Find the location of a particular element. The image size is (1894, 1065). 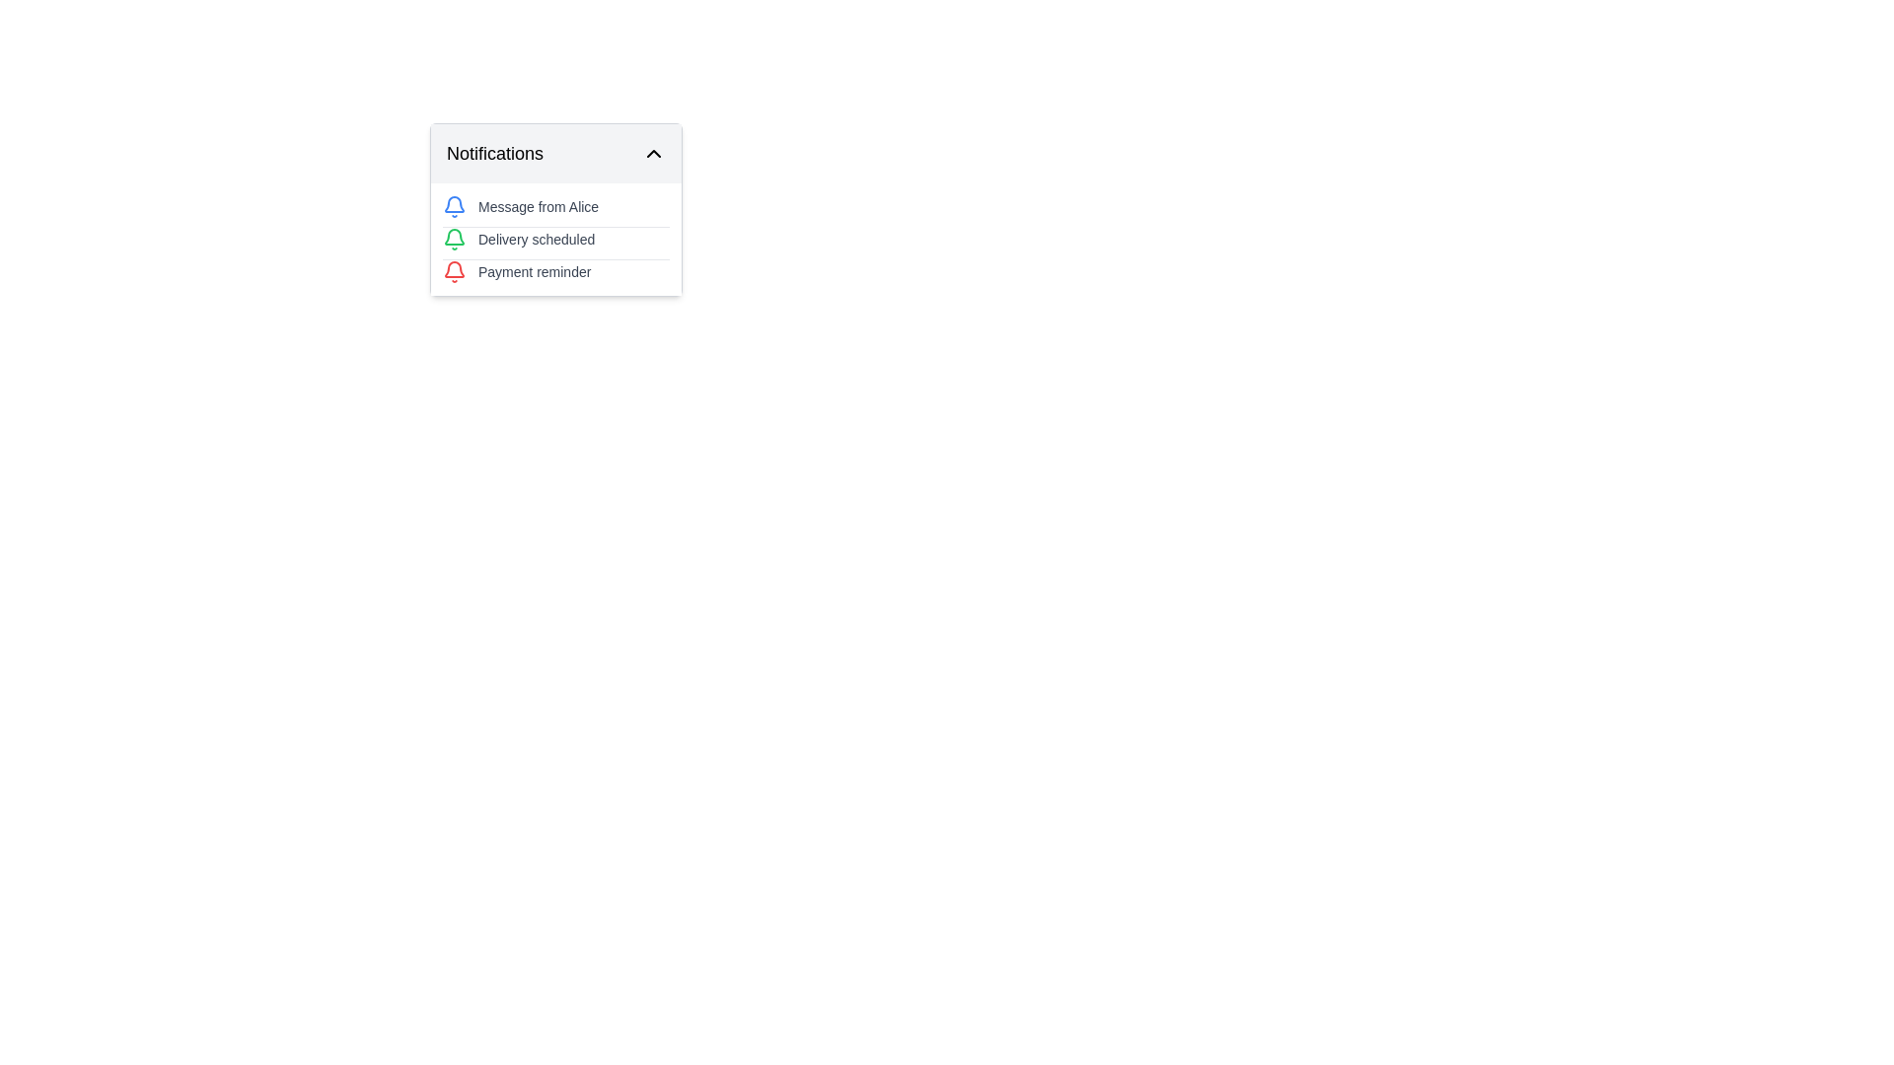

the notification icon located in the notification dropdown at the top-right corner of the interface is located at coordinates (453, 204).